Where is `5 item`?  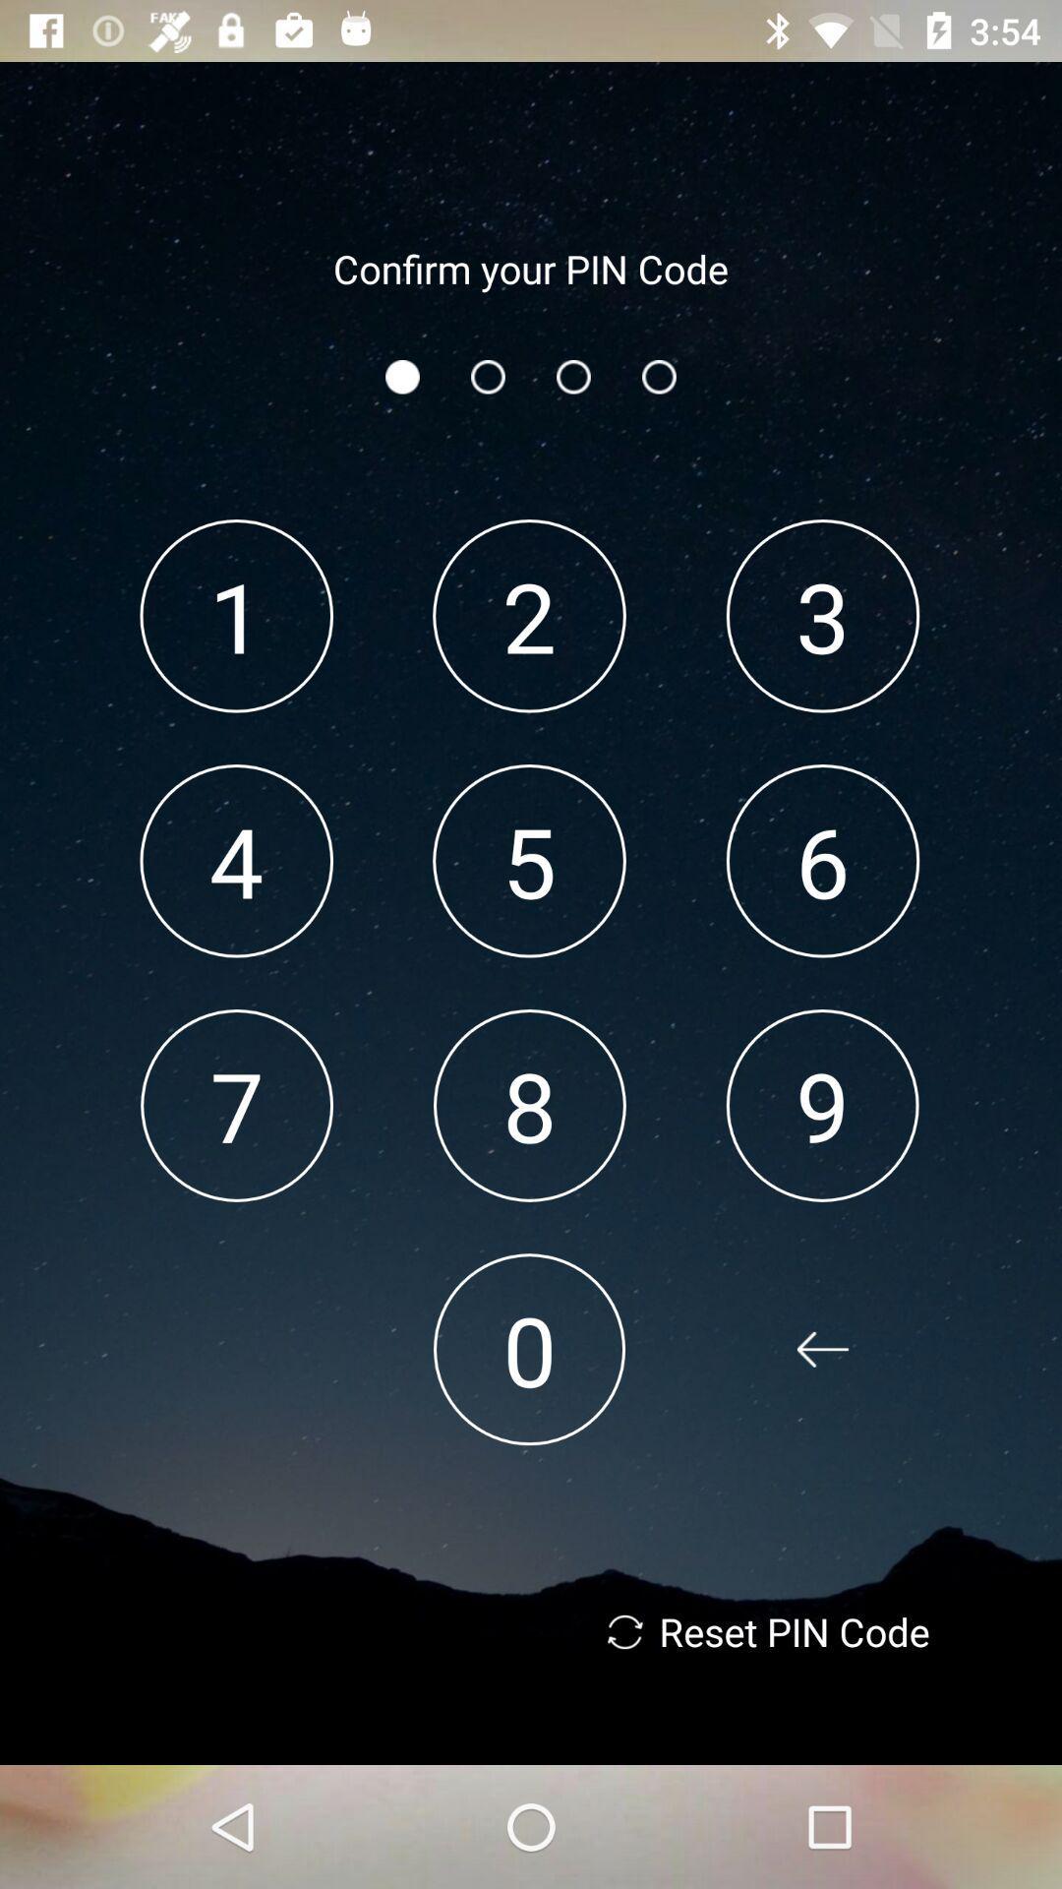
5 item is located at coordinates (528, 861).